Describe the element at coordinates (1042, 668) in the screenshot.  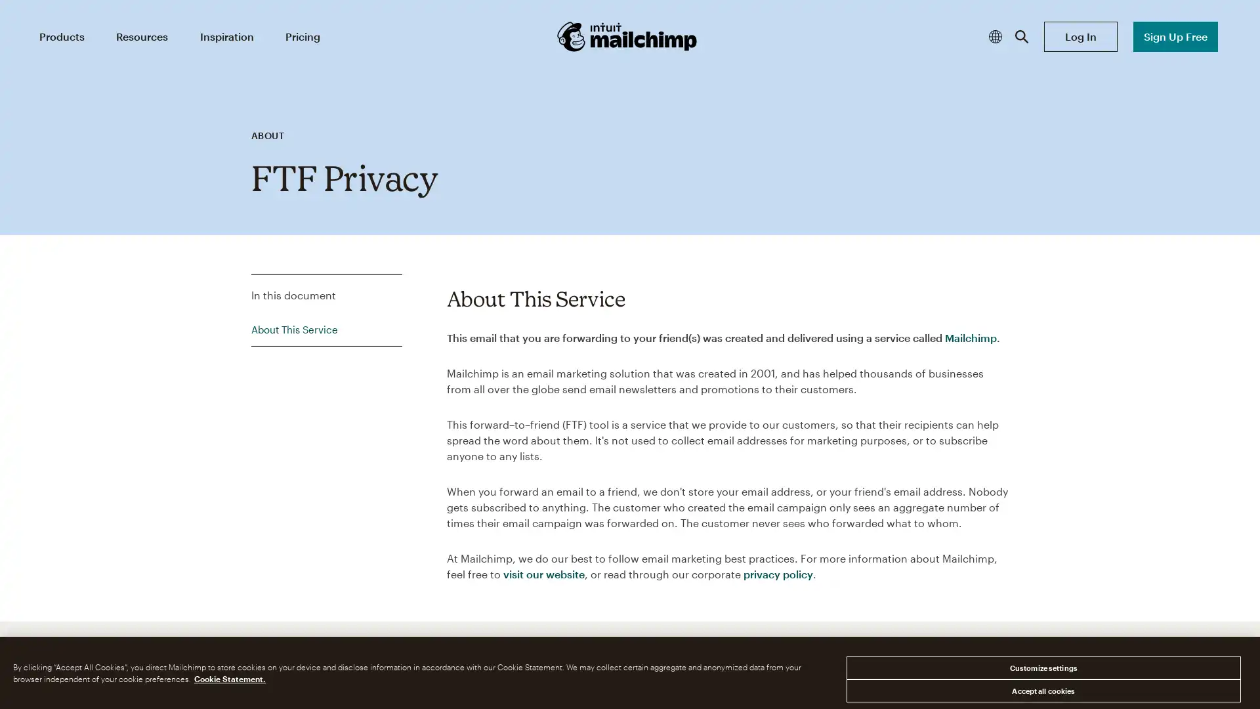
I see `Customize settings` at that location.